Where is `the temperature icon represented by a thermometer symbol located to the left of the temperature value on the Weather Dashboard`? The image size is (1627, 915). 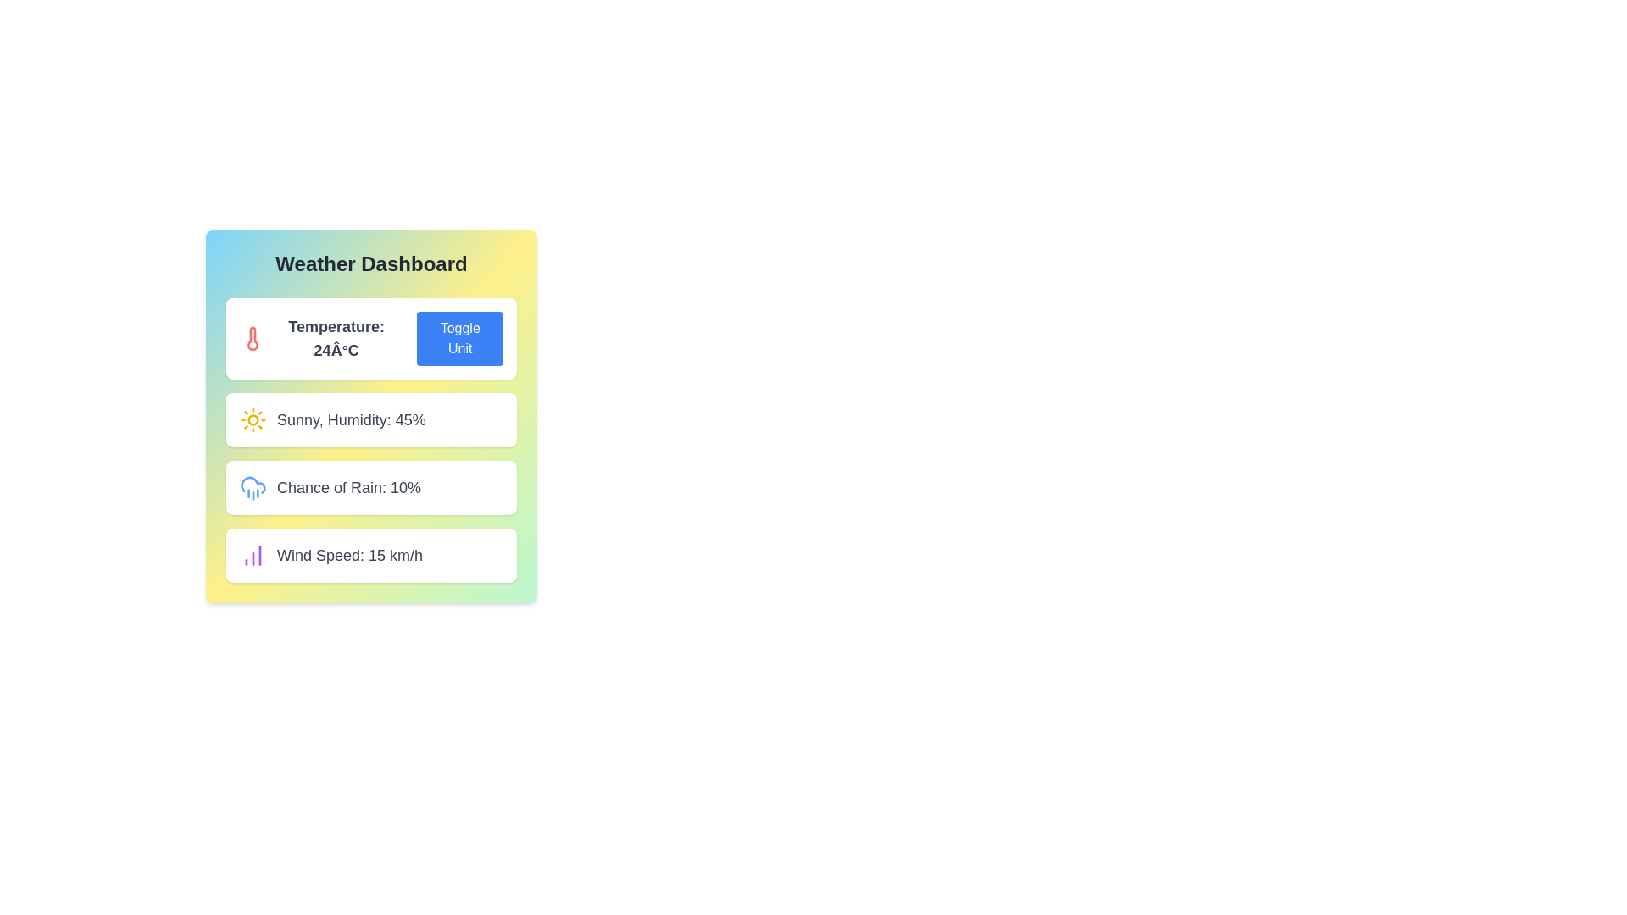 the temperature icon represented by a thermometer symbol located to the left of the temperature value on the Weather Dashboard is located at coordinates (252, 339).